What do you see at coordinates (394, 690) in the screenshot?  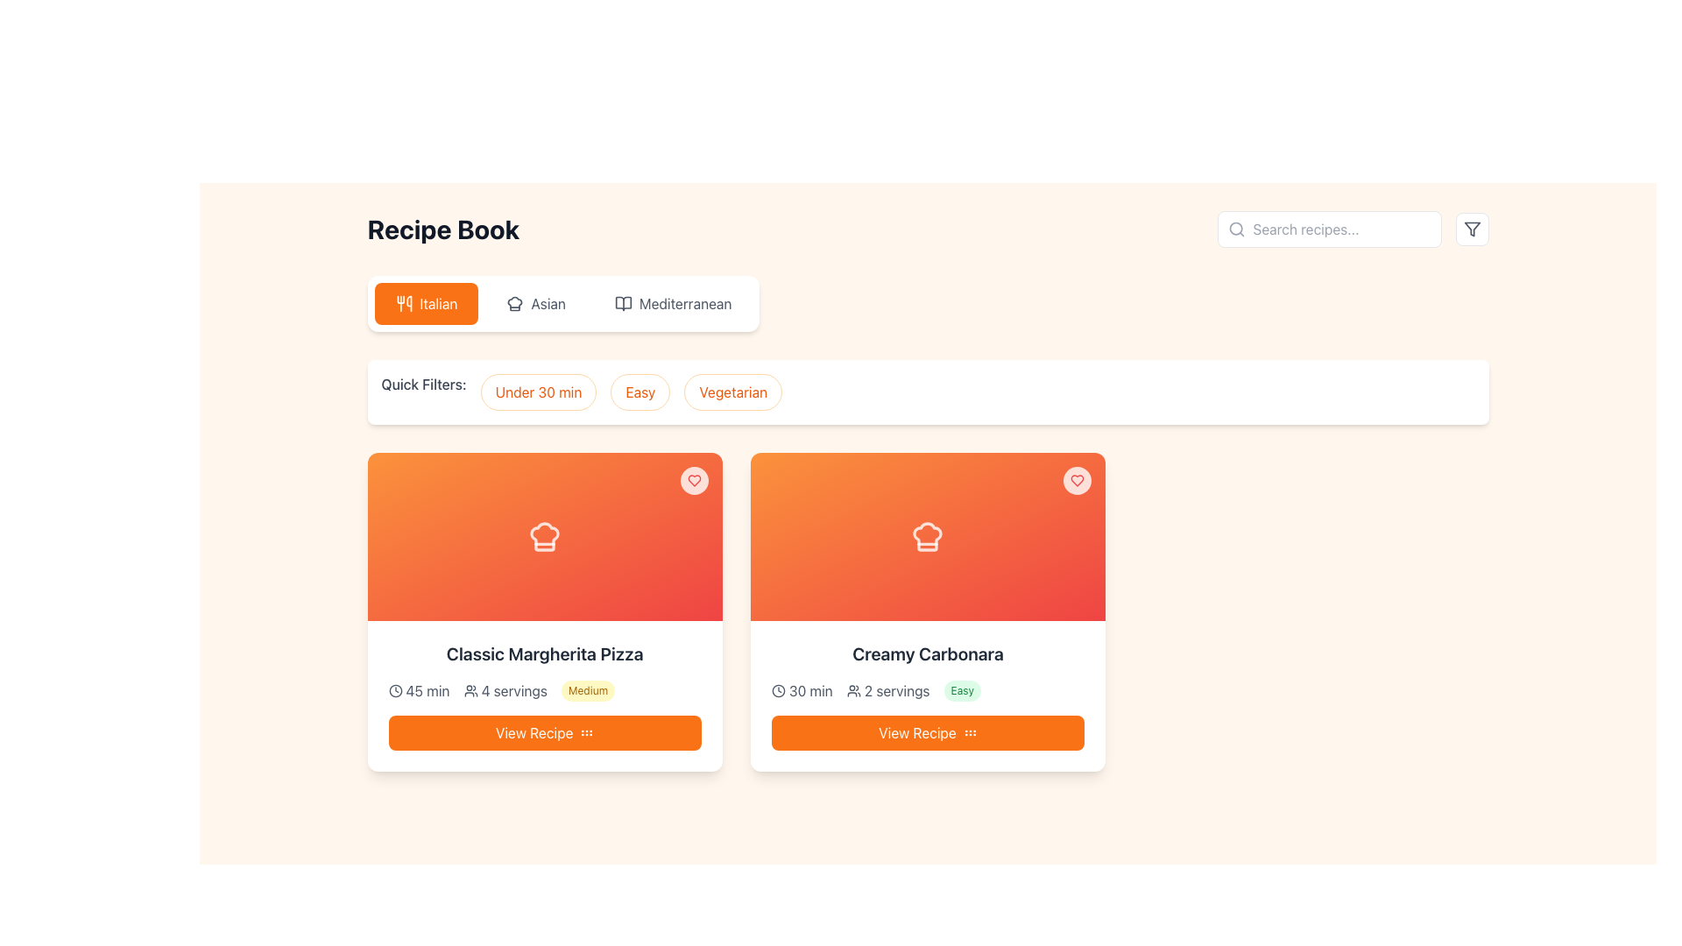 I see `the small monochromatic clock icon in the first recipe card for 'Classic Margherita Pizza', which is located to the left of the '45 min' duration text` at bounding box center [394, 690].